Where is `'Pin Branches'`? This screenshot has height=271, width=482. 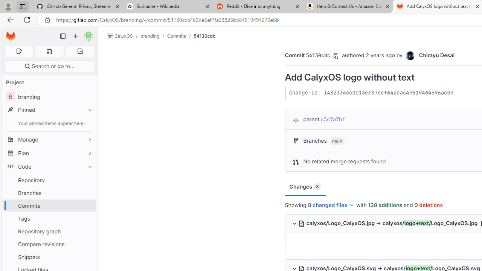
'Pin Branches' is located at coordinates (88, 192).